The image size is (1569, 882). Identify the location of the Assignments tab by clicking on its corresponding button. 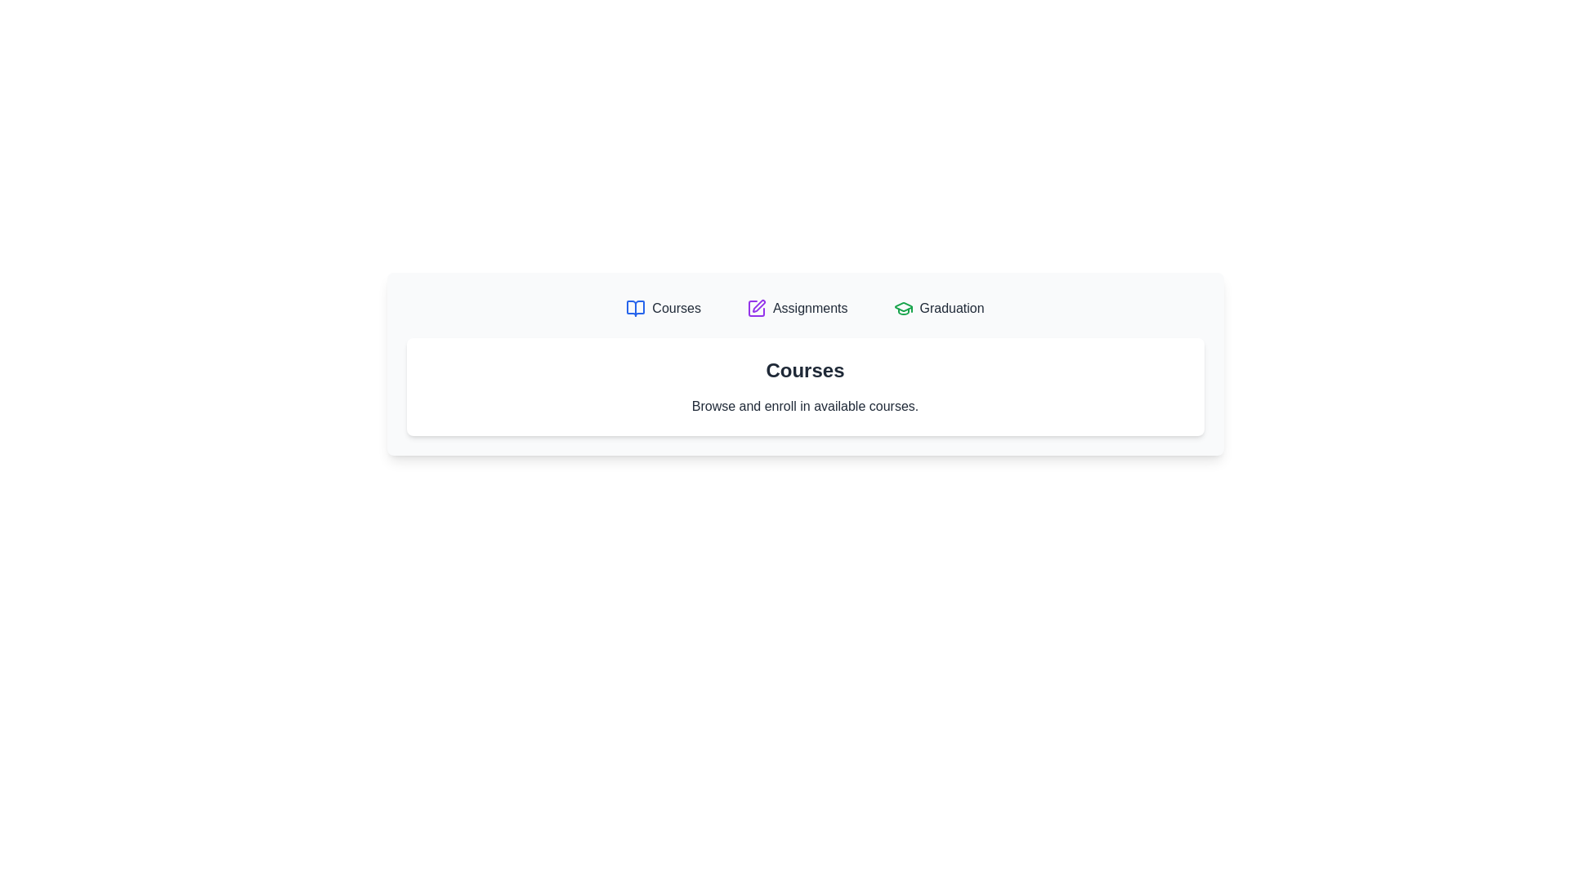
(796, 309).